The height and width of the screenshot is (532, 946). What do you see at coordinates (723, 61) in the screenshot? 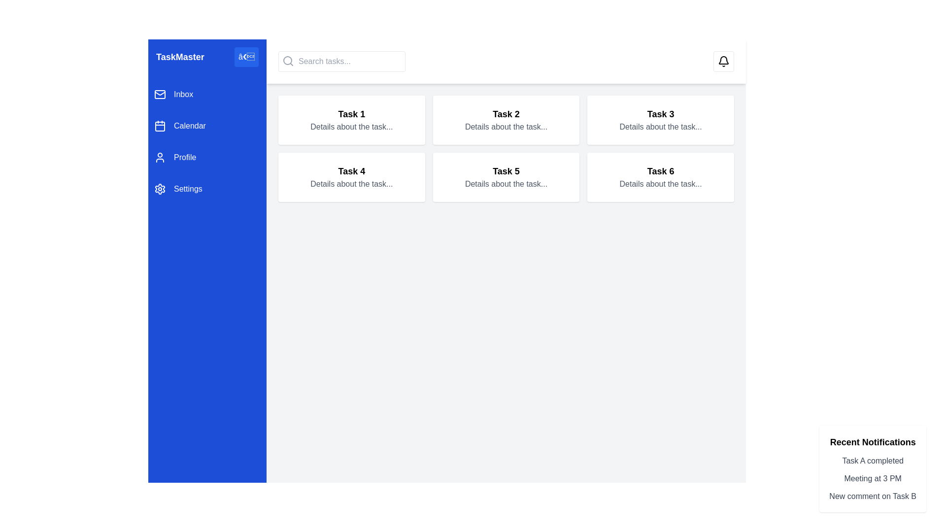
I see `the bell icon in the top-right corner of the interface` at bounding box center [723, 61].